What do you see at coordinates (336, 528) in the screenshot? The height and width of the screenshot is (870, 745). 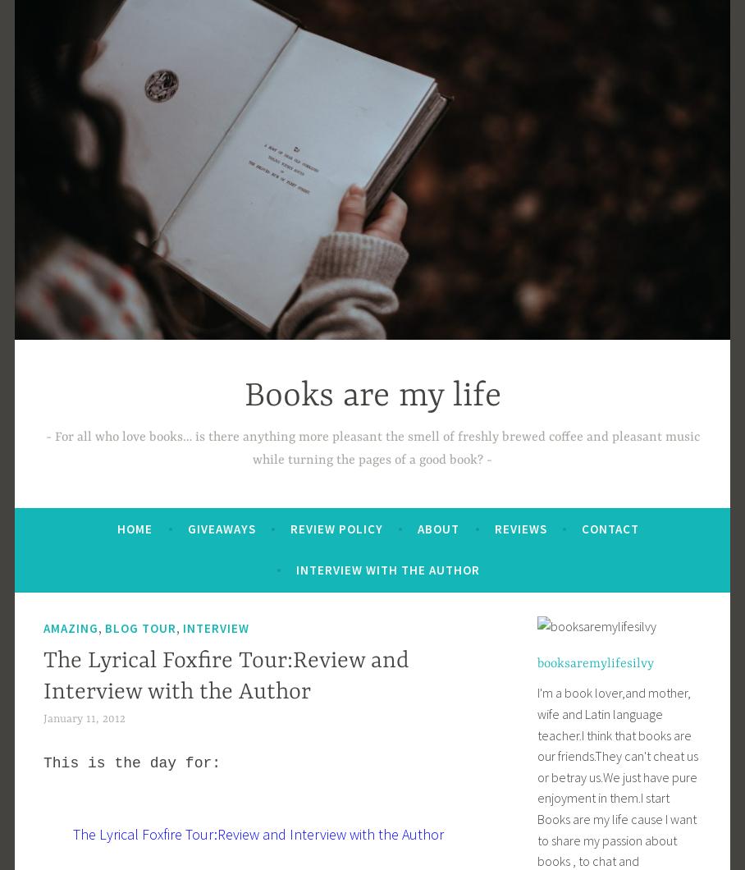 I see `'Review Policy'` at bounding box center [336, 528].